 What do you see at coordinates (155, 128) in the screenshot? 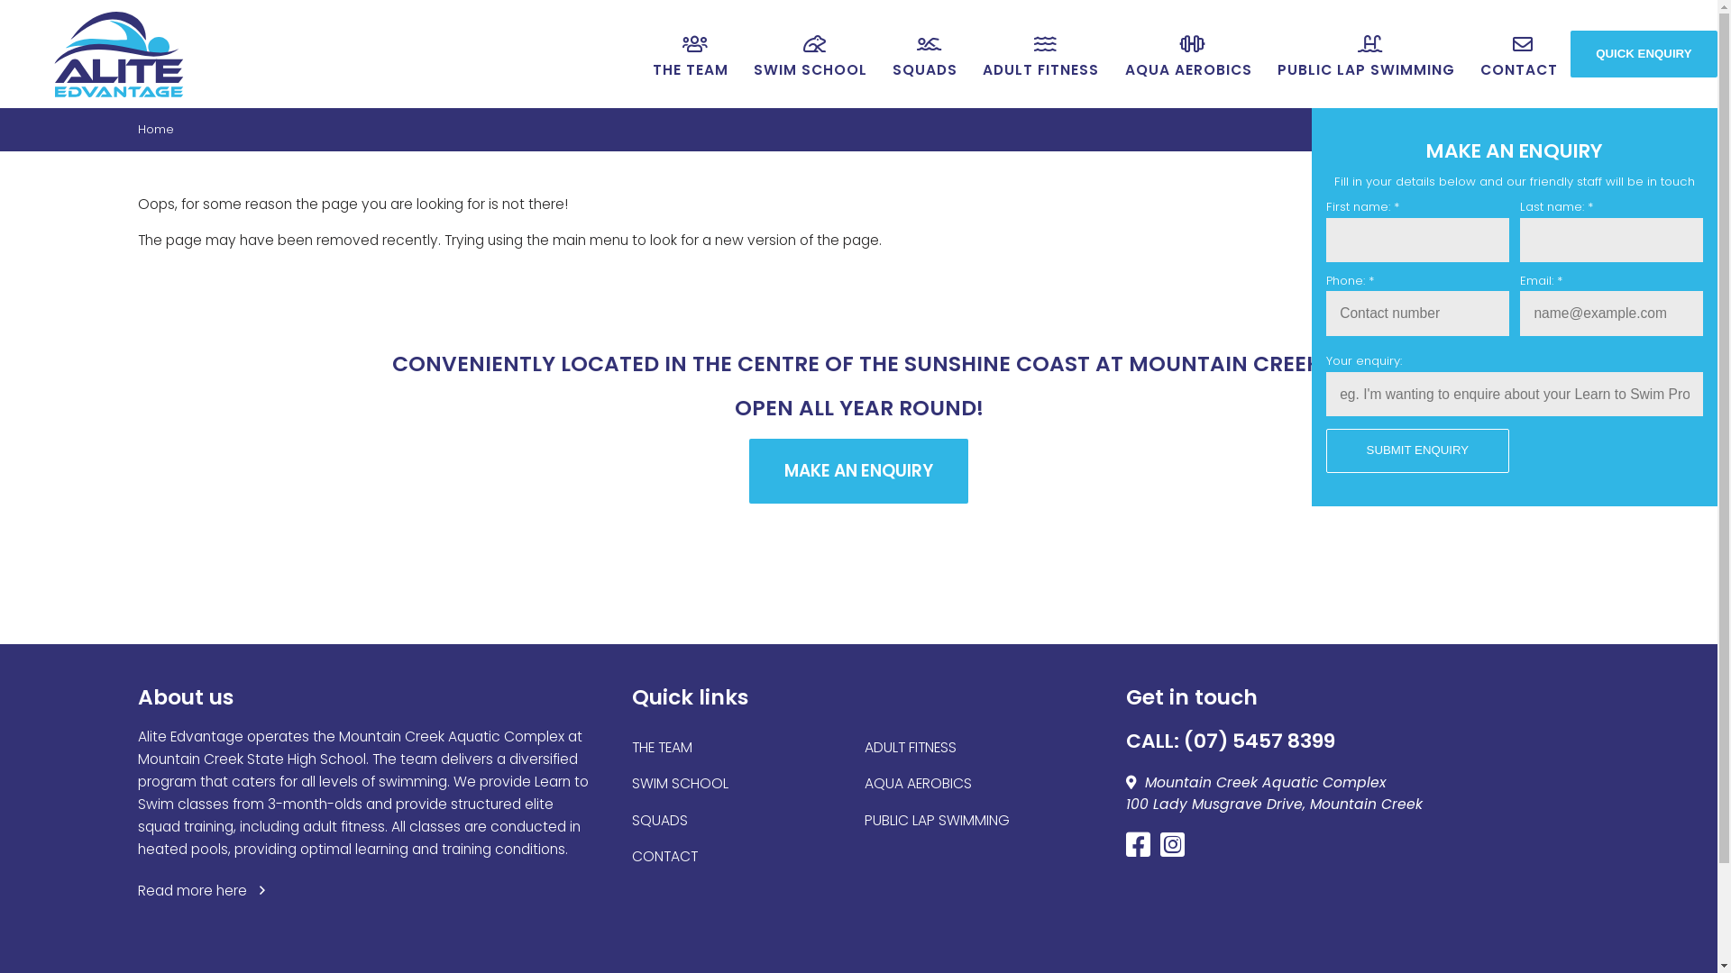
I see `'Home'` at bounding box center [155, 128].